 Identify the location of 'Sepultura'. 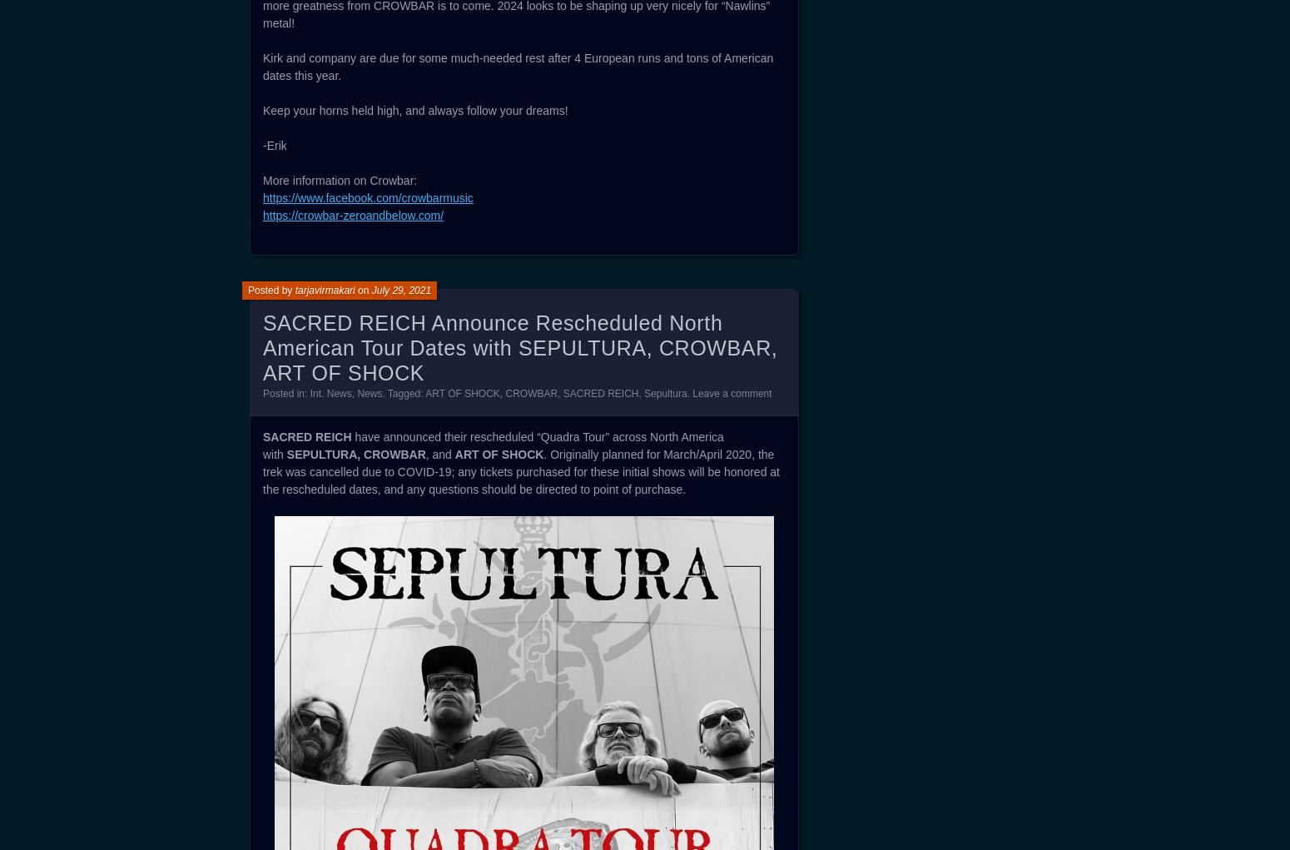
(664, 393).